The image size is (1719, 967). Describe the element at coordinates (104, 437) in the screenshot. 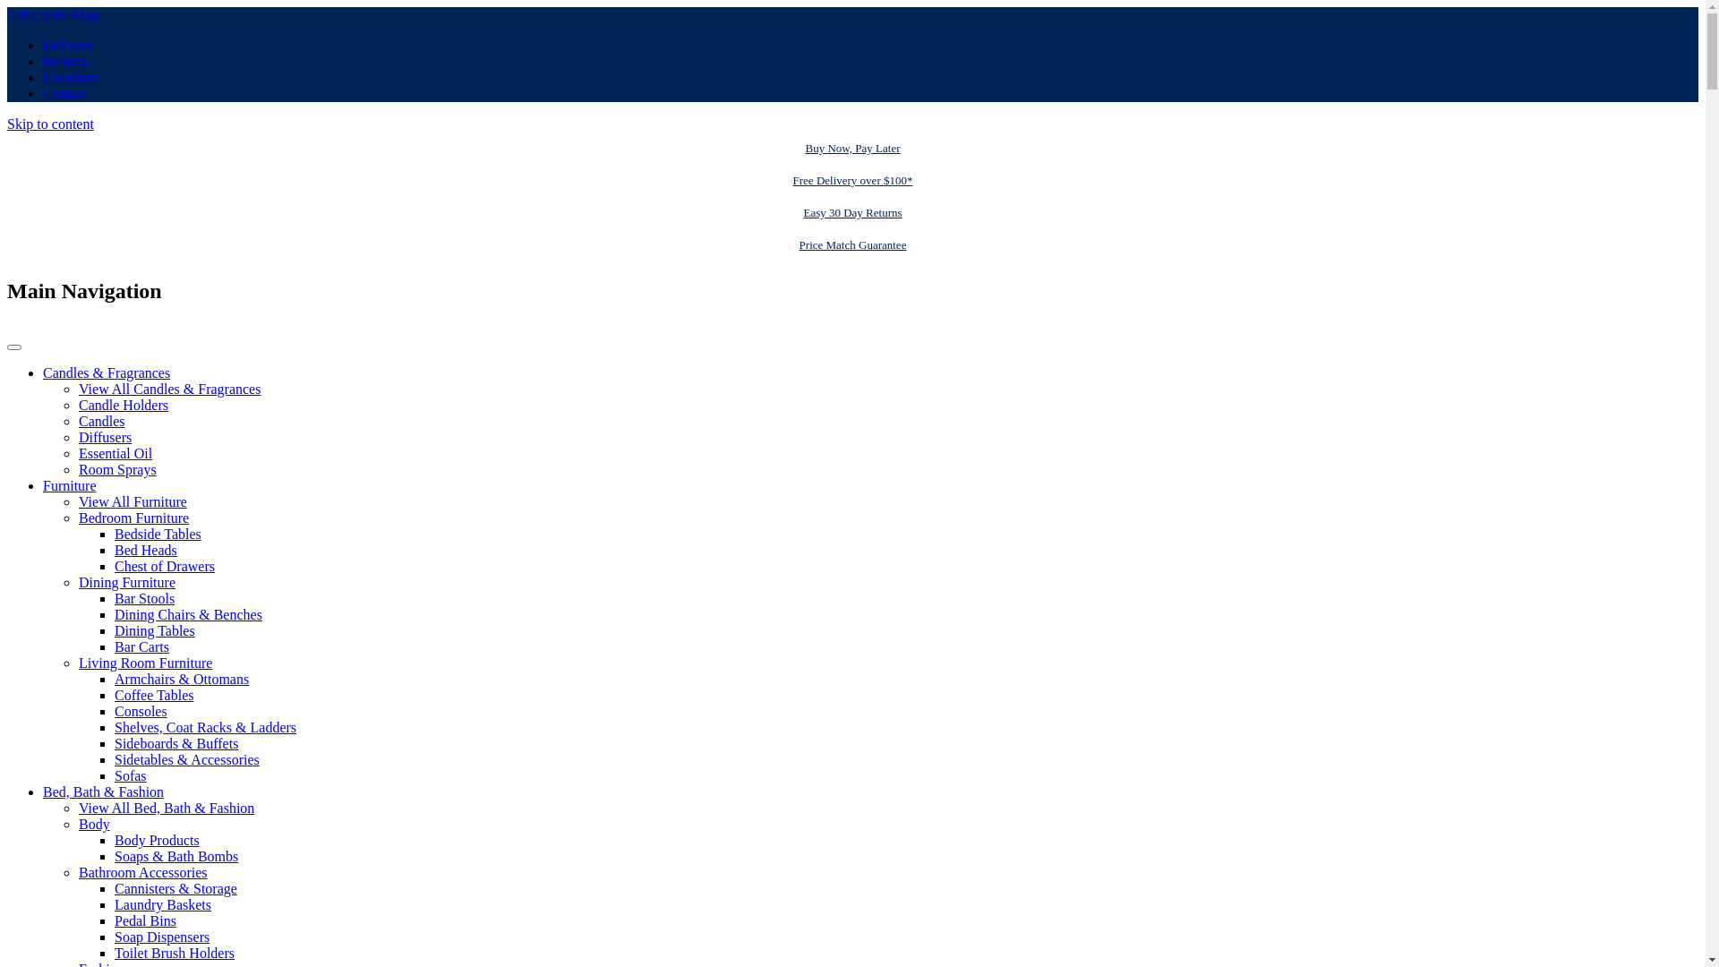

I see `'Diffusers'` at that location.